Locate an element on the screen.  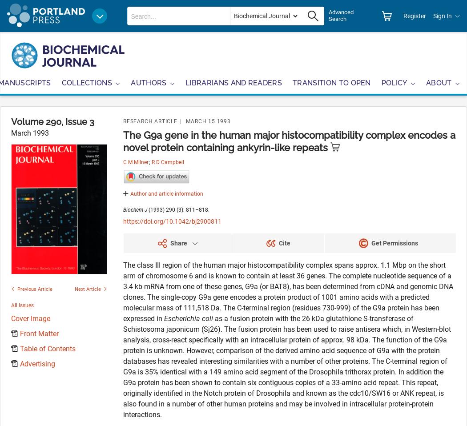
'Register' is located at coordinates (403, 16).